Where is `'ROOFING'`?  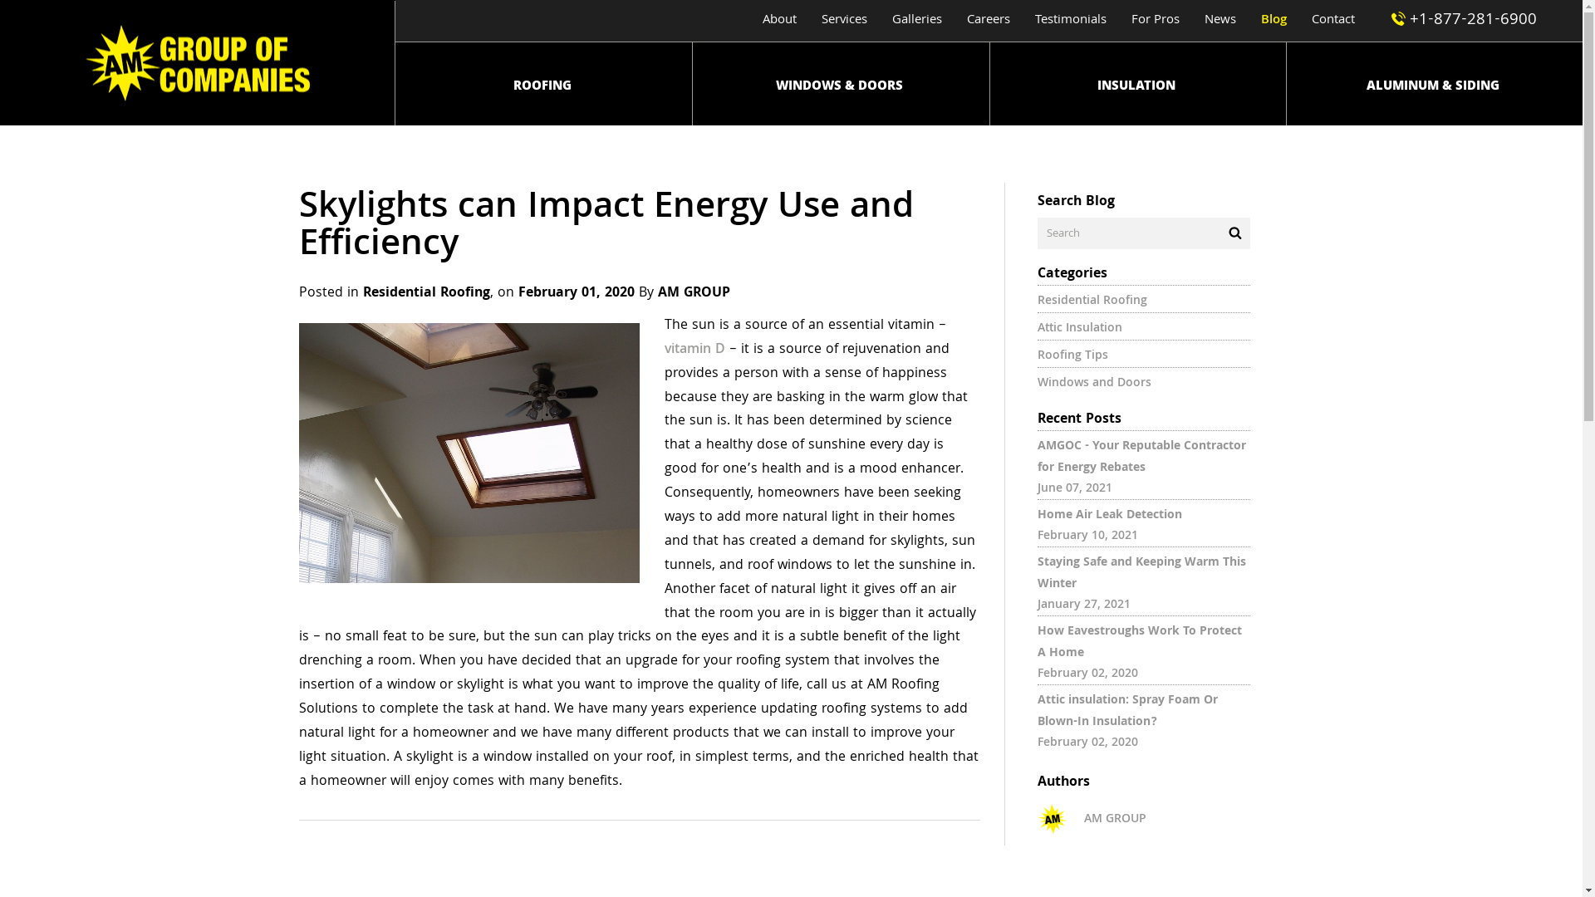 'ROOFING' is located at coordinates (542, 83).